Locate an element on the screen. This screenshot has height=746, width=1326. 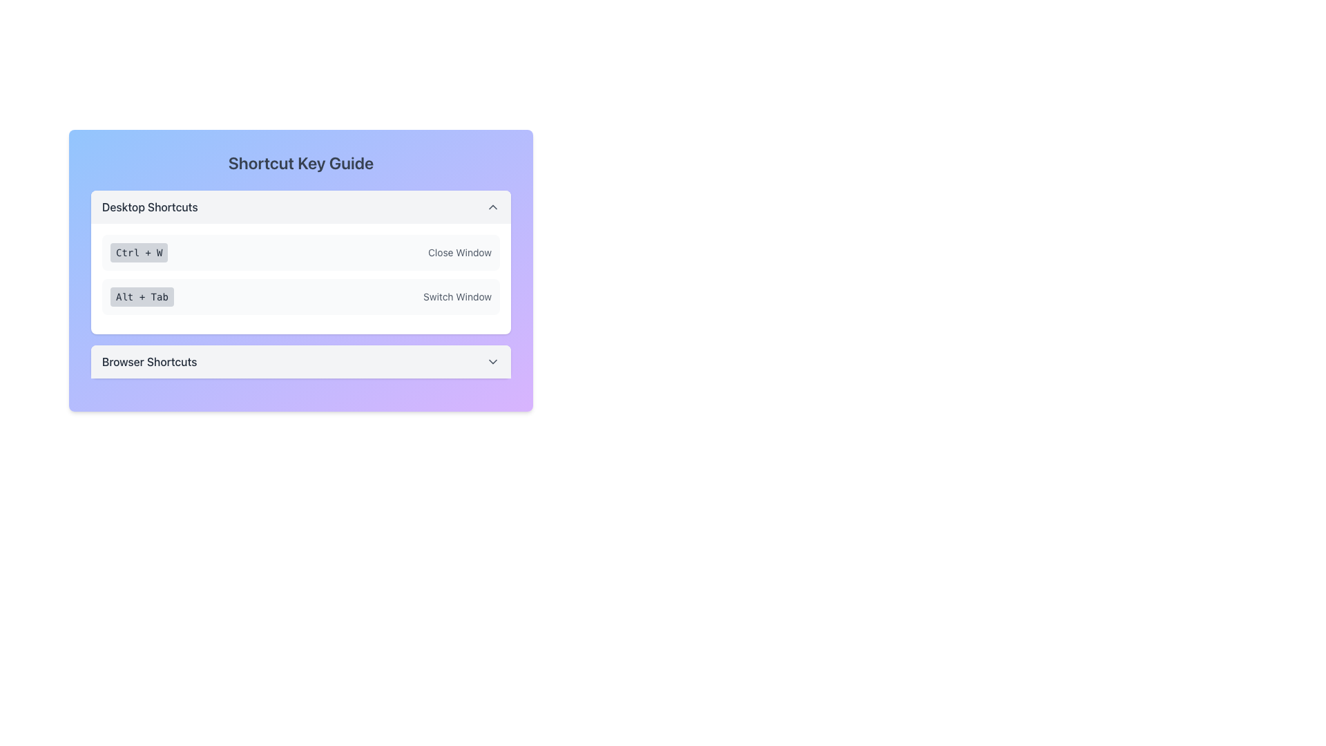
the text label indicating the functionality of the 'Ctrl + W' shortcut located on the right section of the 'Desktop Shortcuts' section is located at coordinates (460, 253).